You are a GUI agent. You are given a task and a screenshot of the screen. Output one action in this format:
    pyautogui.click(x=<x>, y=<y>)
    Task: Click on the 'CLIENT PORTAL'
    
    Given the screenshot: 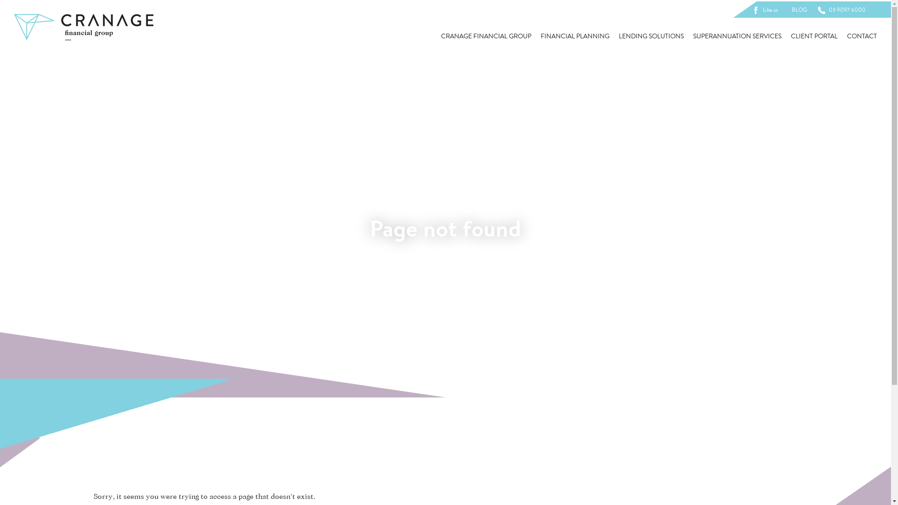 What is the action you would take?
    pyautogui.click(x=814, y=36)
    